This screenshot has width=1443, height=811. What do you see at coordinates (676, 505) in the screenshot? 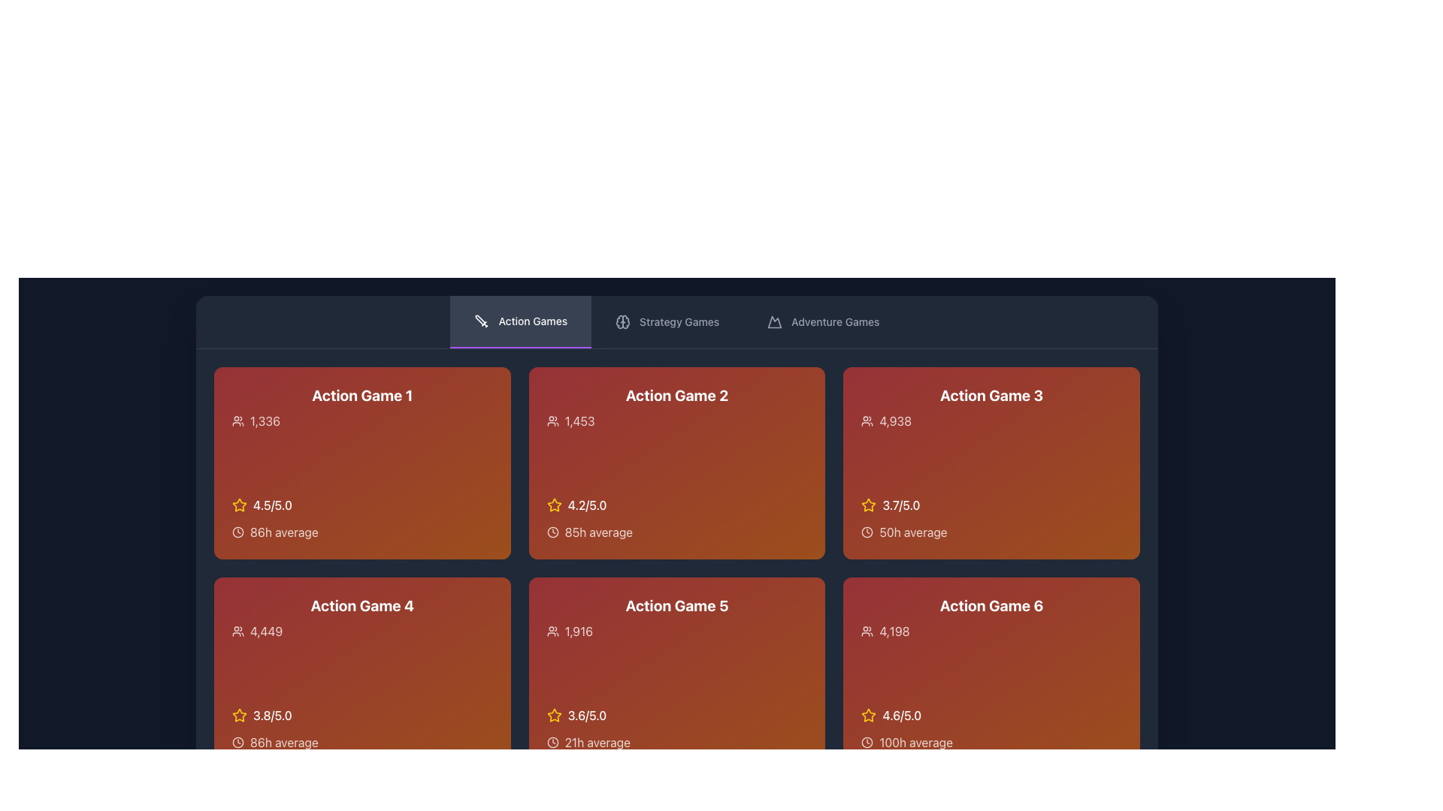
I see `the Rating Display that shows the text '4.2/5.0' in white font, with a yellow star icon on its left, located within the second card labeled 'Action Game 2'` at bounding box center [676, 505].